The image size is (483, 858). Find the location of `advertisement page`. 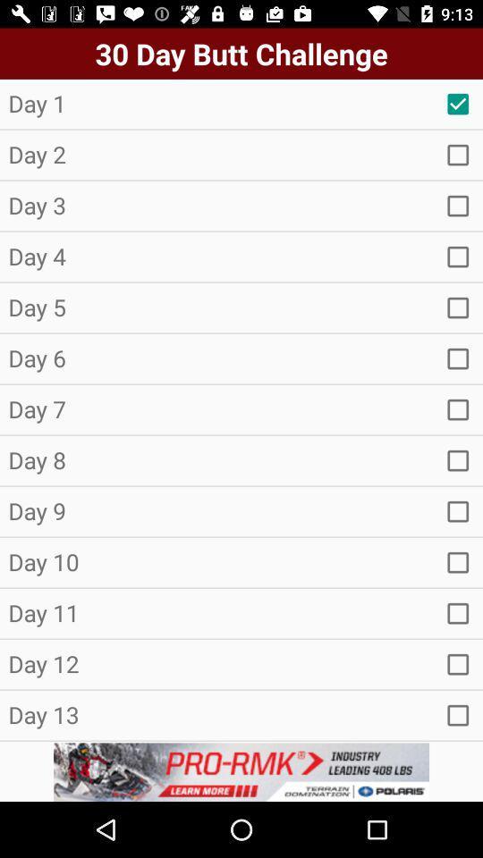

advertisement page is located at coordinates (241, 771).